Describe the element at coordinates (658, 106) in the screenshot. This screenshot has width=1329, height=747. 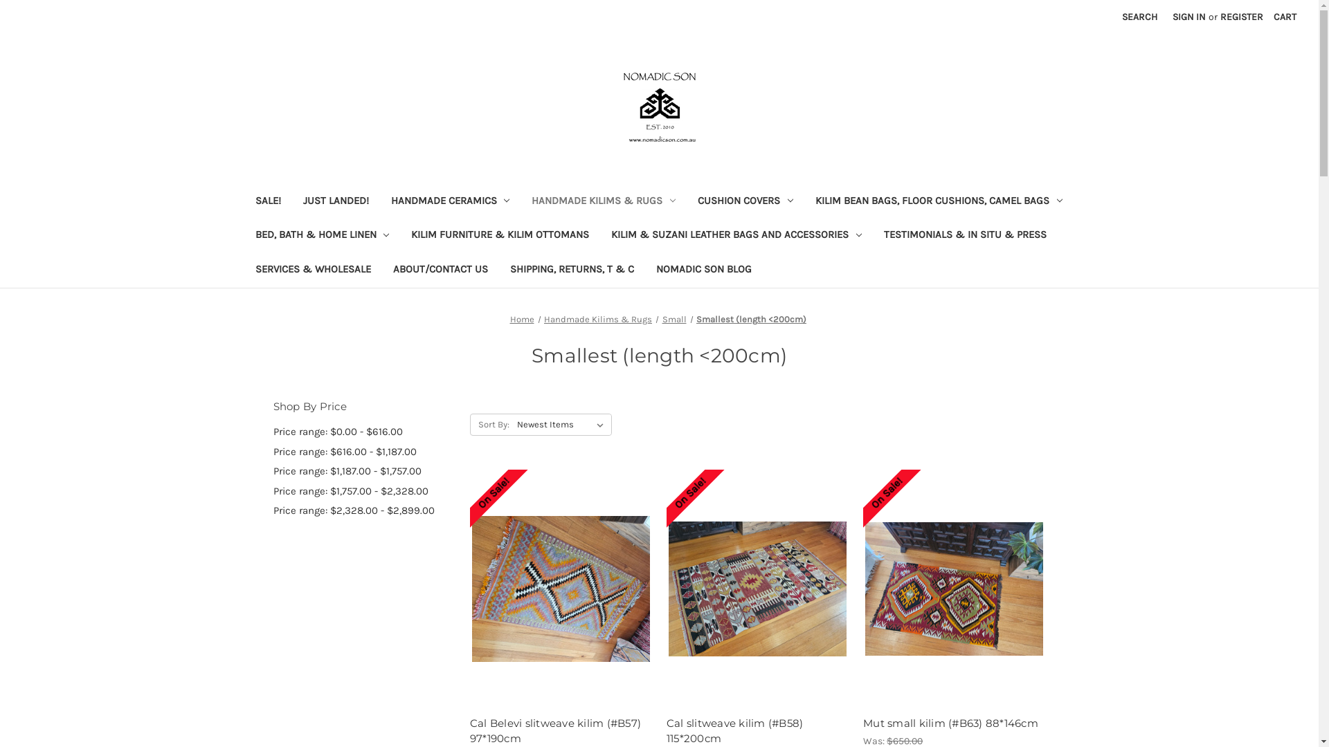
I see `'NOMADIC SON'` at that location.